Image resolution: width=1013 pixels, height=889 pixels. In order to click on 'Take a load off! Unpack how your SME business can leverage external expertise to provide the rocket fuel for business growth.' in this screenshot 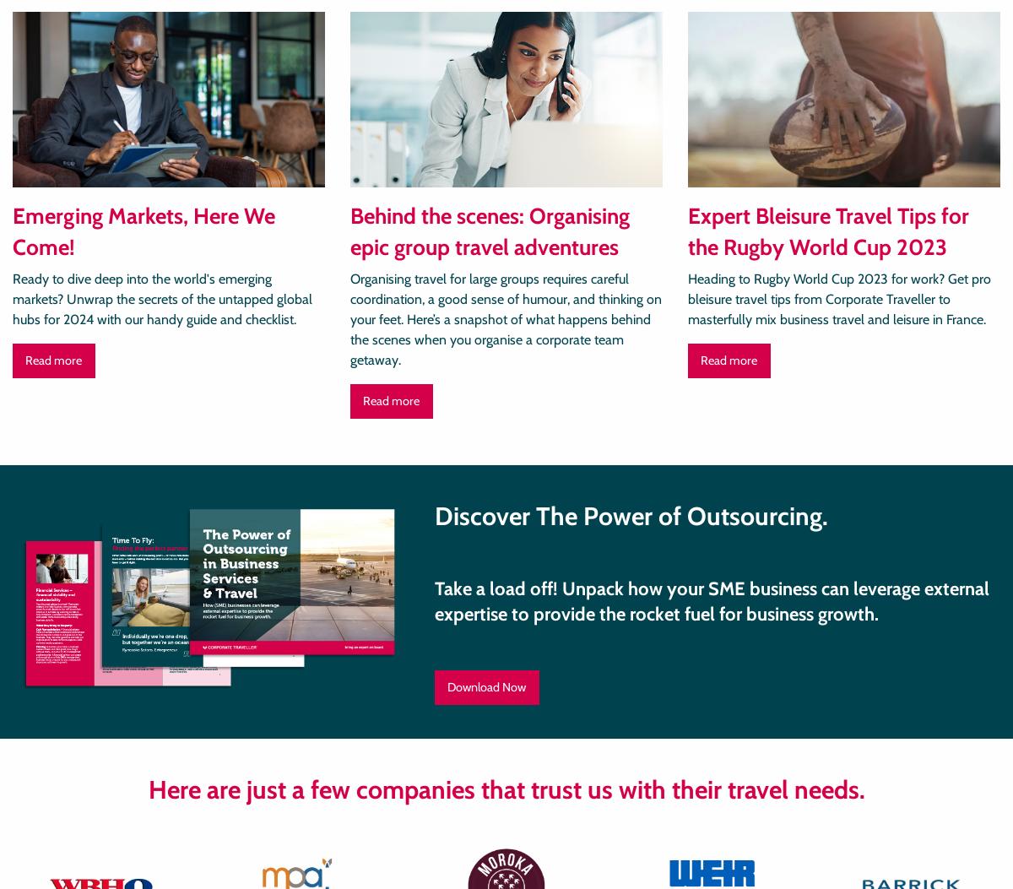, I will do `click(711, 601)`.